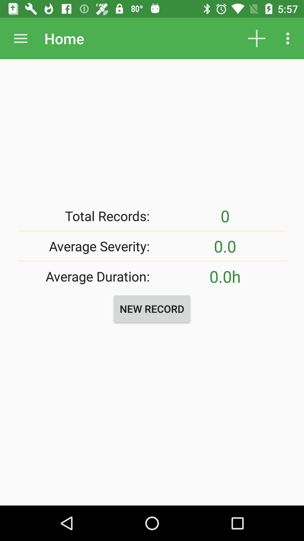  What do you see at coordinates (289, 38) in the screenshot?
I see `the item above the 0 icon` at bounding box center [289, 38].